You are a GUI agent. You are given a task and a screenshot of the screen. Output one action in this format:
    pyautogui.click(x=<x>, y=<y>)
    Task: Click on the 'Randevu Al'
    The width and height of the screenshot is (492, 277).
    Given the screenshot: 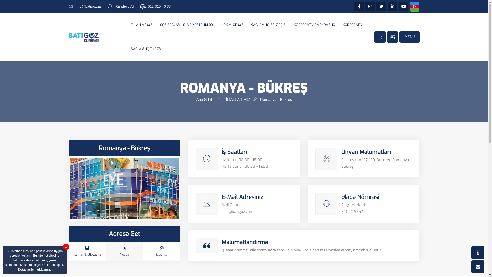 What is the action you would take?
    pyautogui.click(x=115, y=6)
    